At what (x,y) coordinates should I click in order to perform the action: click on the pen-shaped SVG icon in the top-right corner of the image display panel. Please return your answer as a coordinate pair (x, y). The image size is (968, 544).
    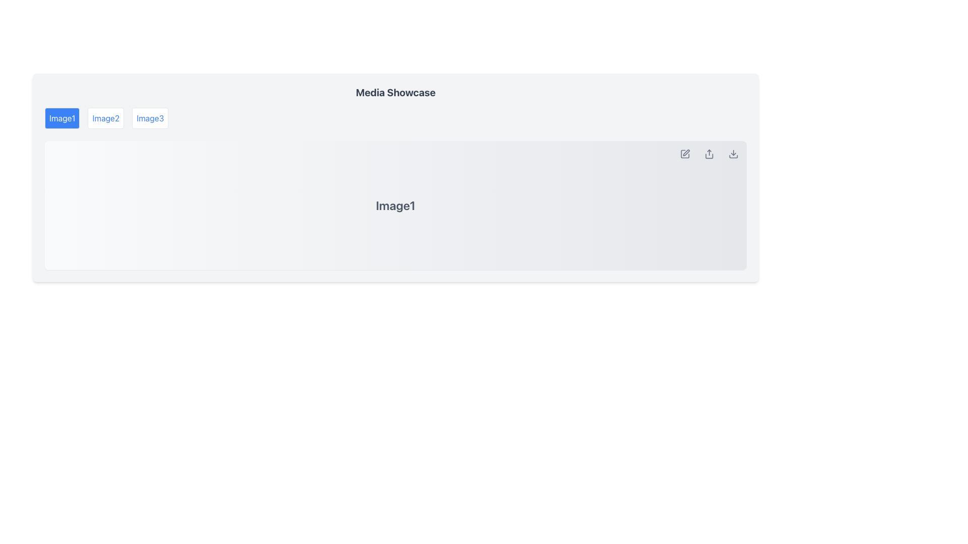
    Looking at the image, I should click on (686, 153).